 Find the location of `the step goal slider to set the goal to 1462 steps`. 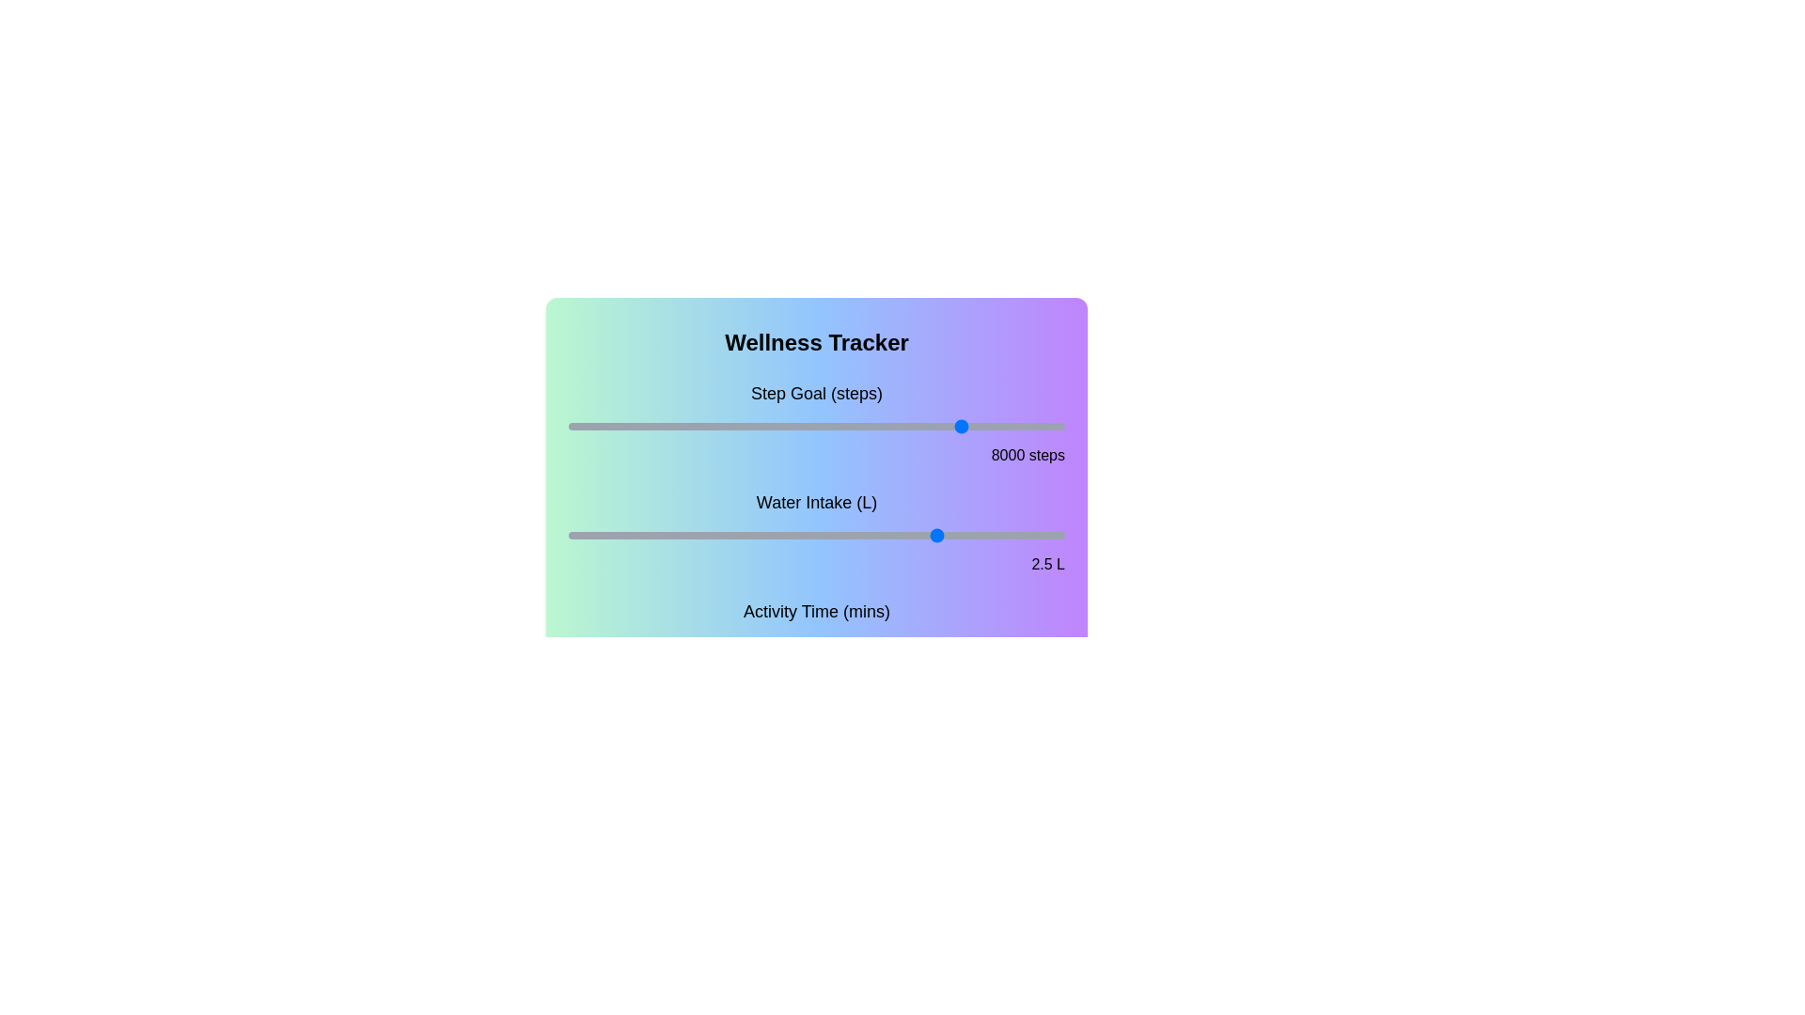

the step goal slider to set the goal to 1462 steps is located at coordinates (641, 427).